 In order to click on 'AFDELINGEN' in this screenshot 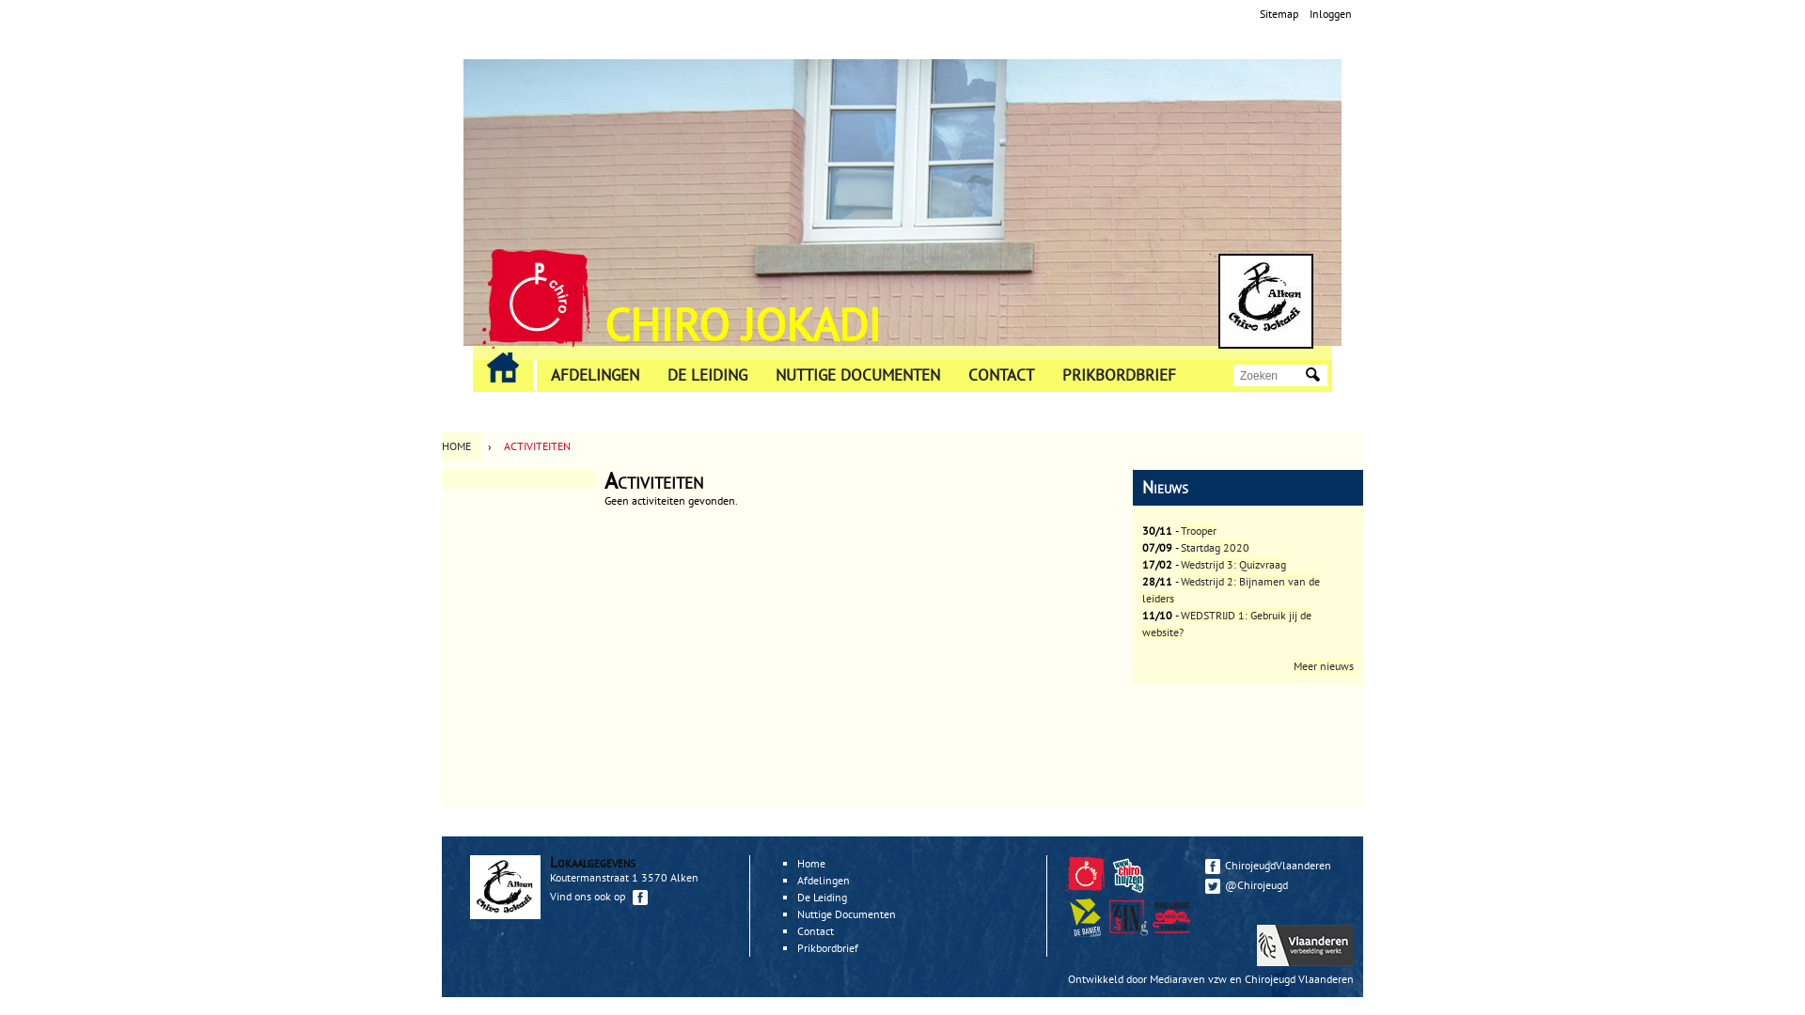, I will do `click(594, 376)`.